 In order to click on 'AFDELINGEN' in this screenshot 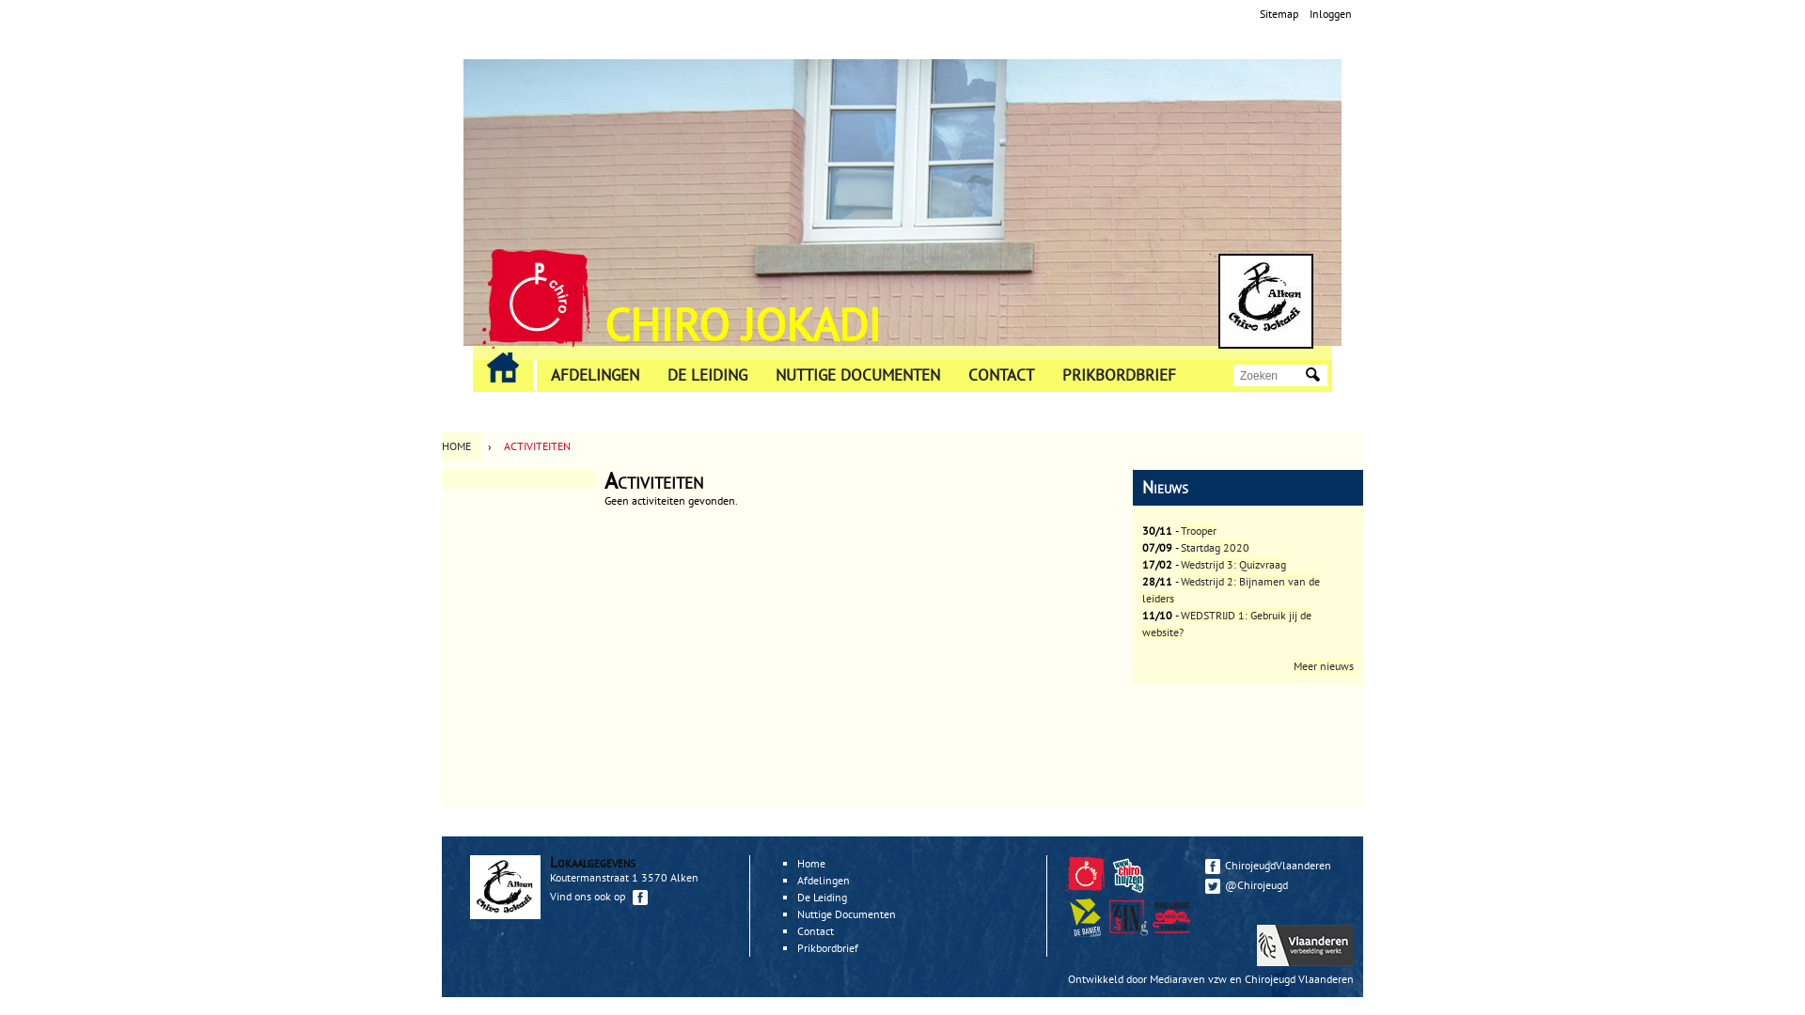, I will do `click(594, 376)`.